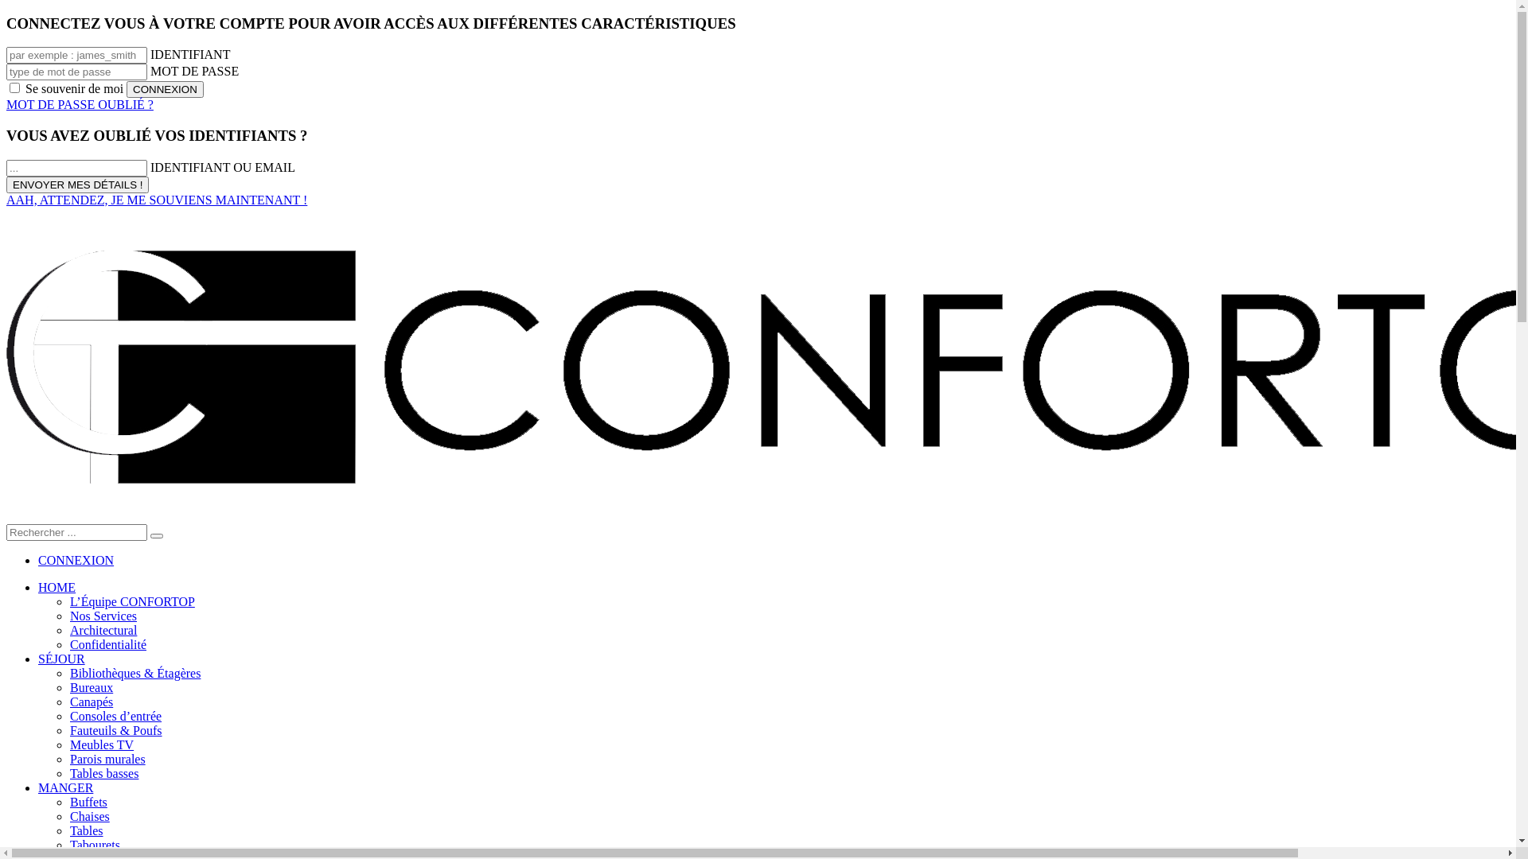 The height and width of the screenshot is (859, 1528). What do you see at coordinates (102, 629) in the screenshot?
I see `'Architectural'` at bounding box center [102, 629].